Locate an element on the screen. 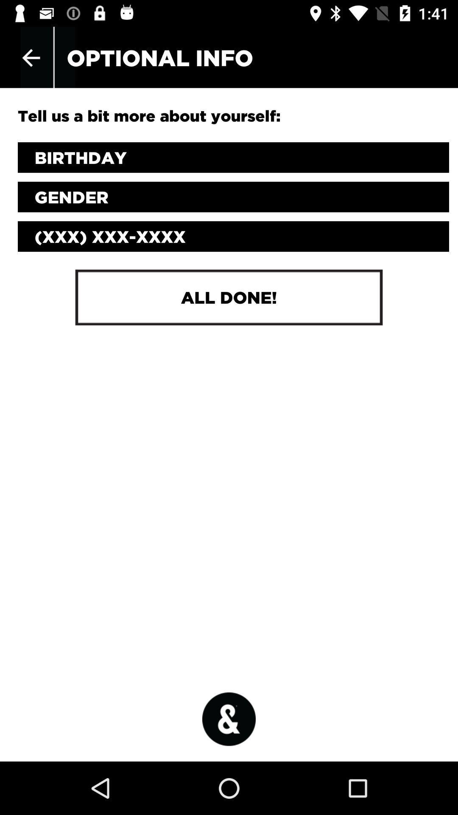 The width and height of the screenshot is (458, 815). your gender is located at coordinates (233, 197).